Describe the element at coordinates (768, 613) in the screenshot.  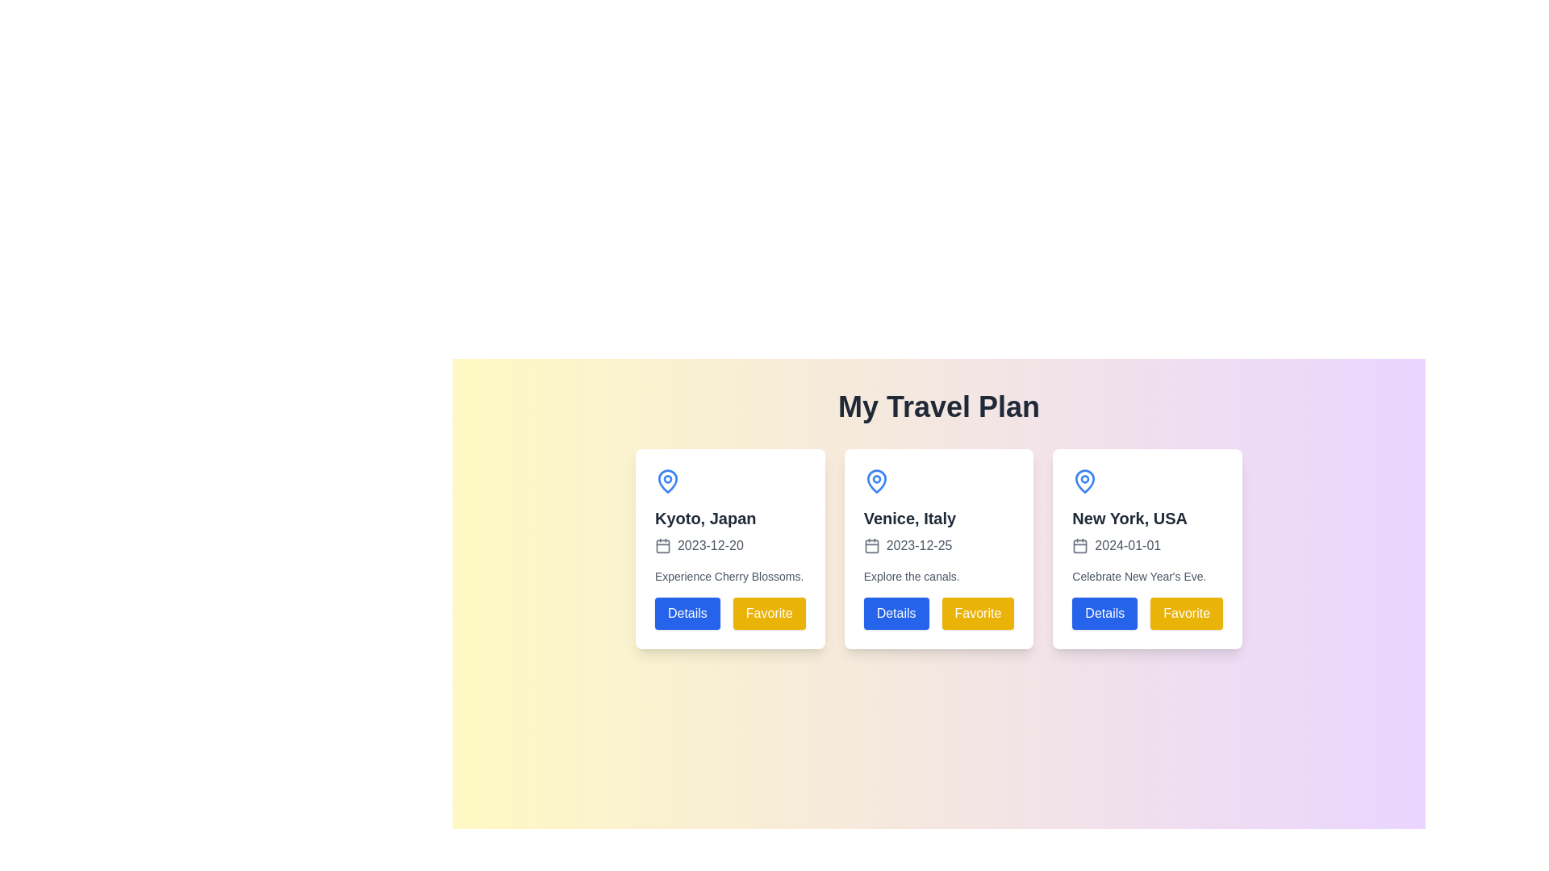
I see `the favorite button located at the bottom-right corner of the card for 'Kyoto, Japan'` at that location.